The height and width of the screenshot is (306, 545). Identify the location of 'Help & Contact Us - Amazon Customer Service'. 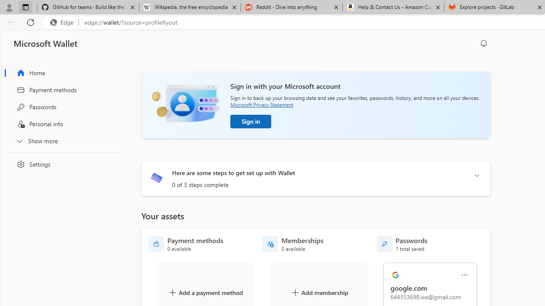
(393, 7).